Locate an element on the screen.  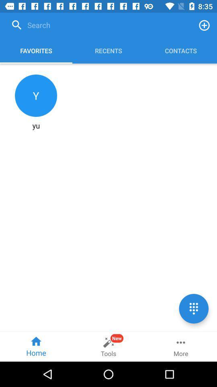
the dialpad icon is located at coordinates (193, 308).